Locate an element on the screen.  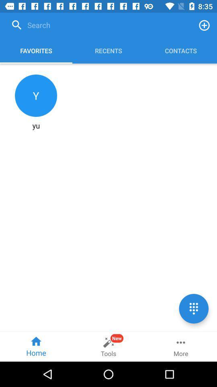
the dialpad icon is located at coordinates (193, 308).